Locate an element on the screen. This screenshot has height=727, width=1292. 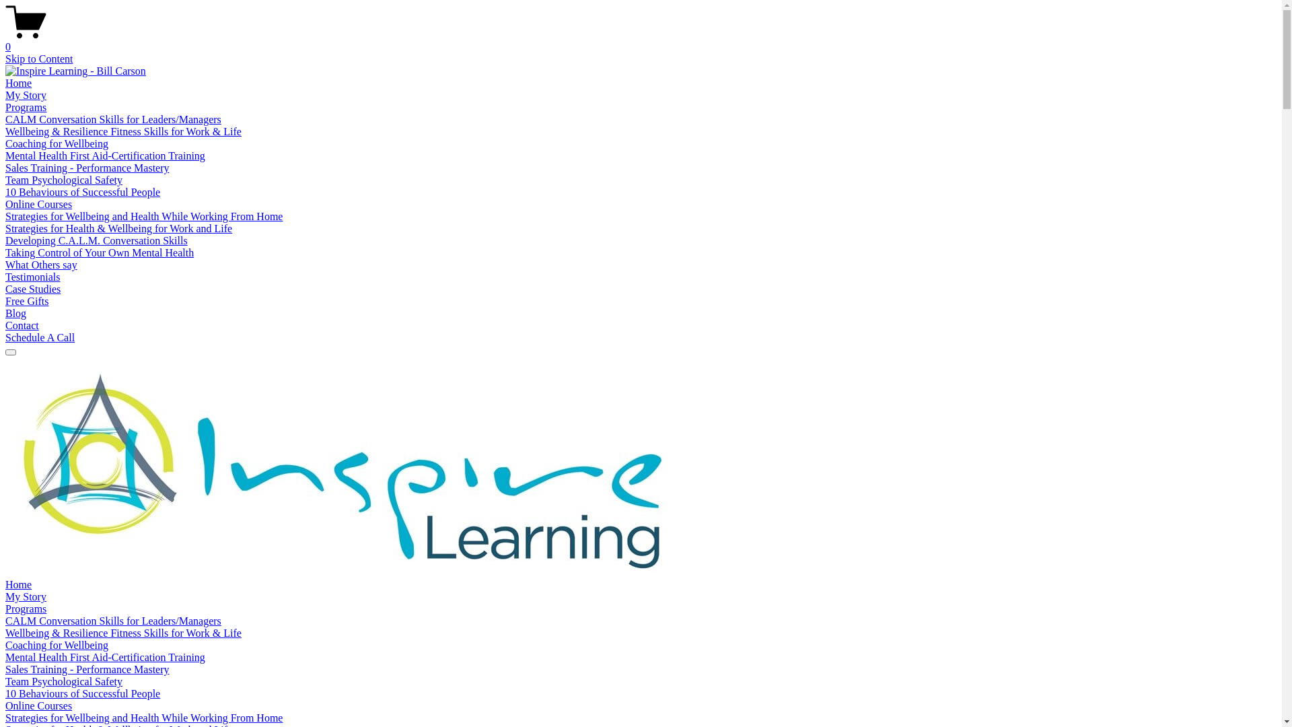
'Free Gifts' is located at coordinates (5, 300).